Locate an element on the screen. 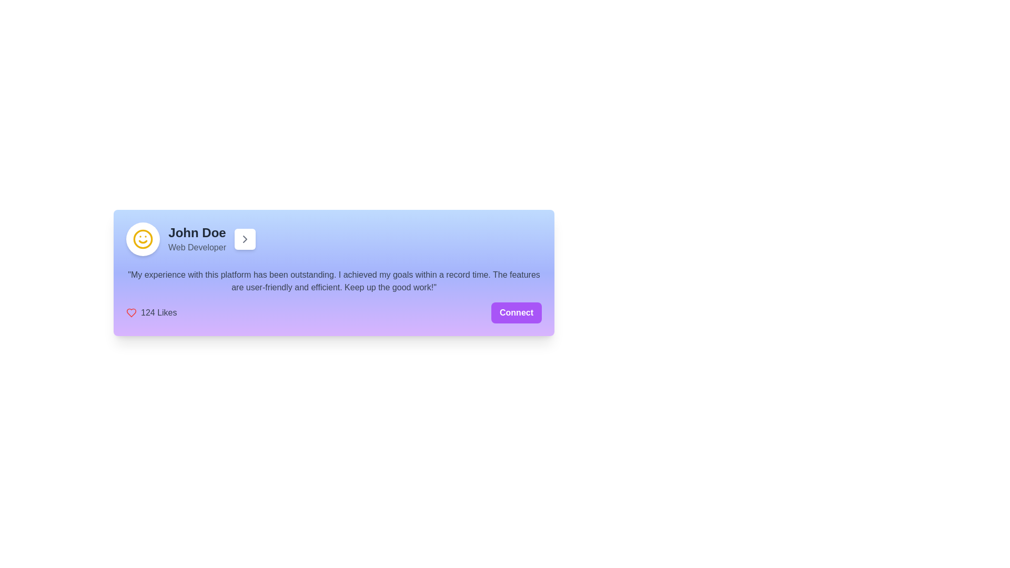 This screenshot has height=568, width=1010. the testimonial text block located centrally in the lower middle section of the card, beneath 'John Doe, Web Developer' and above '124 Likes' and the 'Connect' button is located at coordinates (333, 281).